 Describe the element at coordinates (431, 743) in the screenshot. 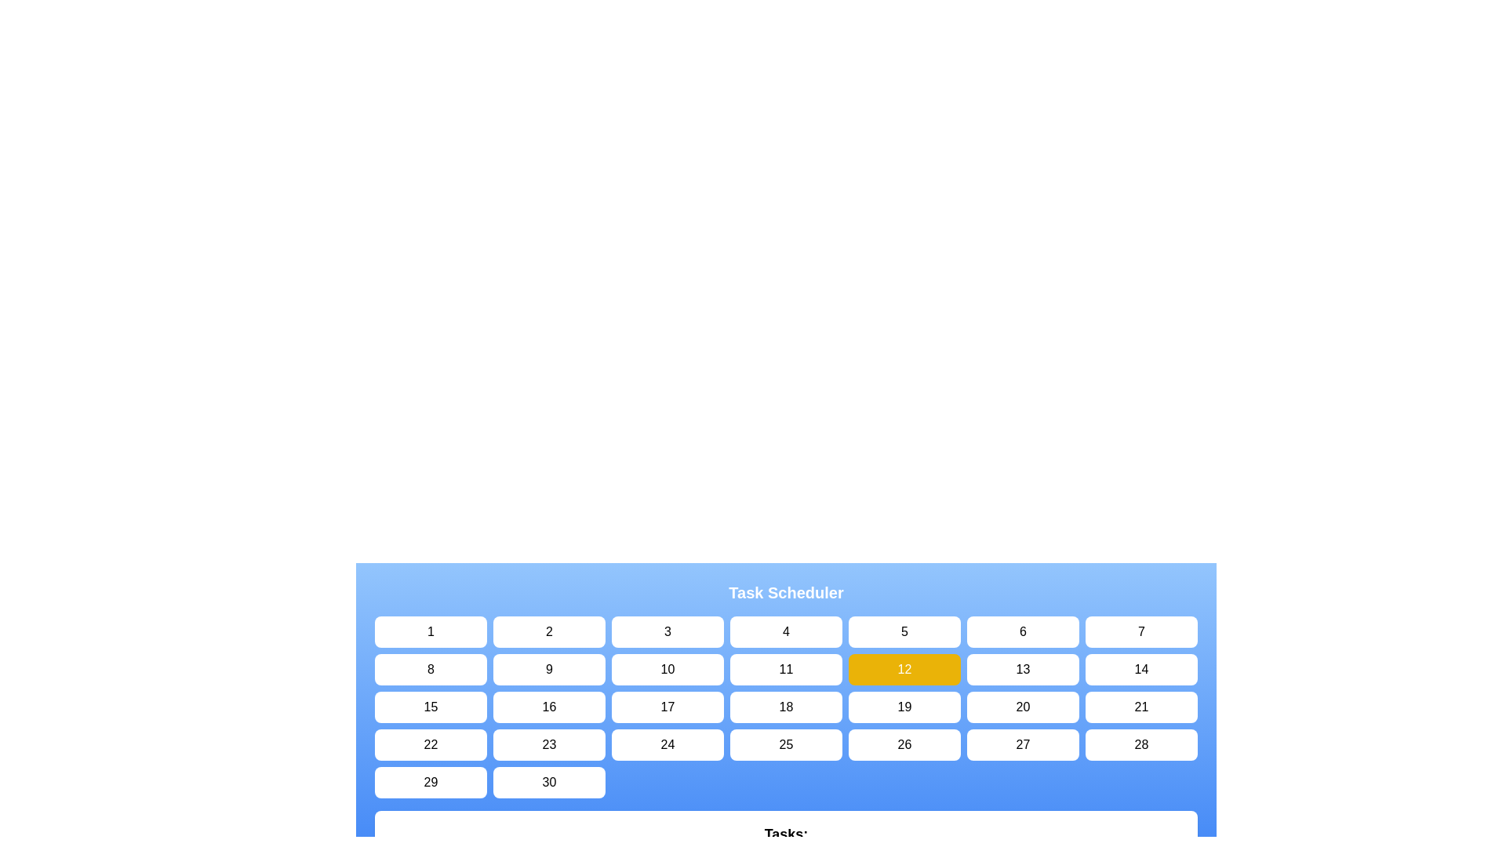

I see `the button displaying the number '22'` at that location.